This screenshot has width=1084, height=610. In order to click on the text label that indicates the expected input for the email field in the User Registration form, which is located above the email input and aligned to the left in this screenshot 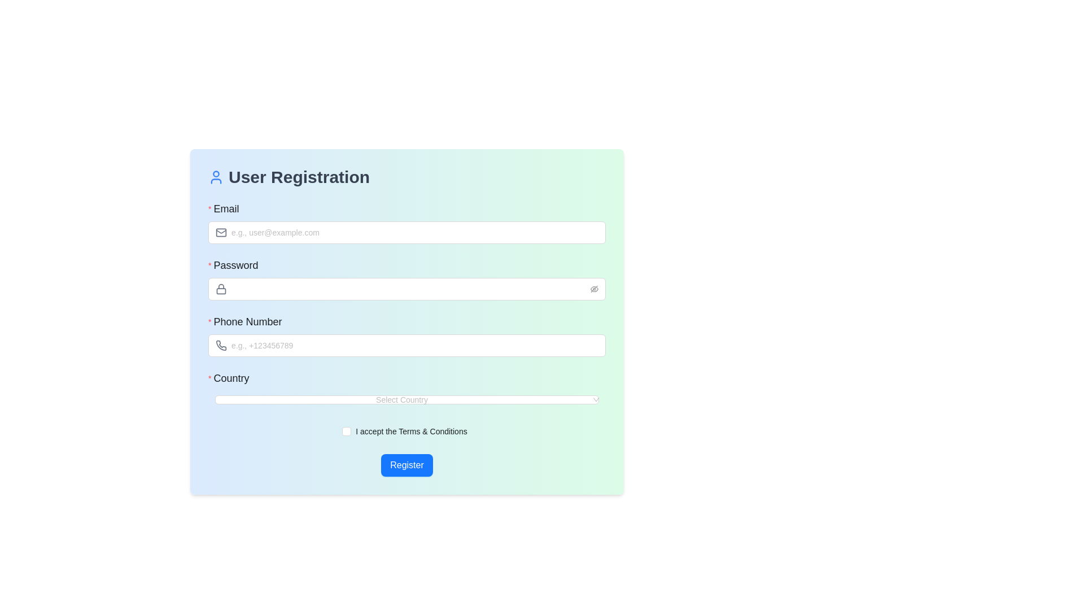, I will do `click(226, 209)`.